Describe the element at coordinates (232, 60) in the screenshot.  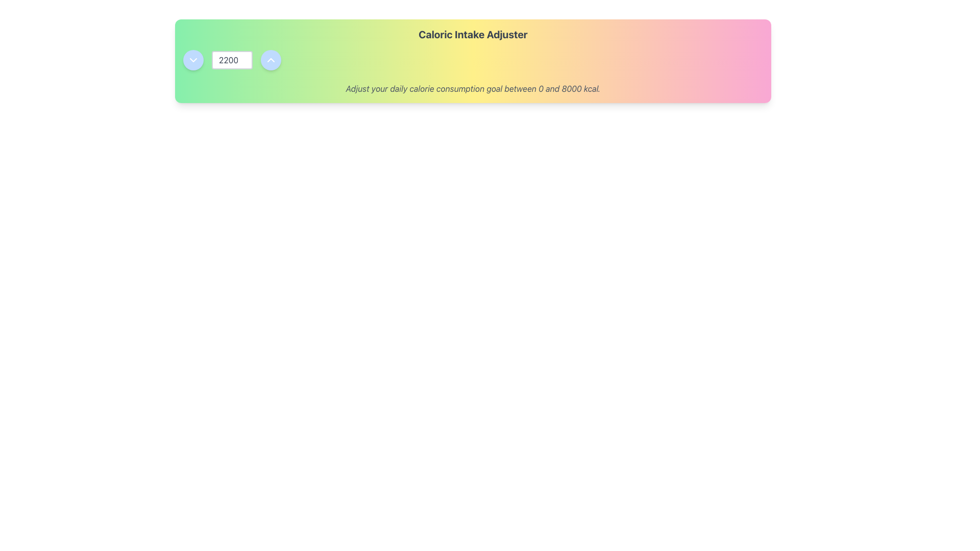
I see `the numeric input field displaying '2200'` at that location.